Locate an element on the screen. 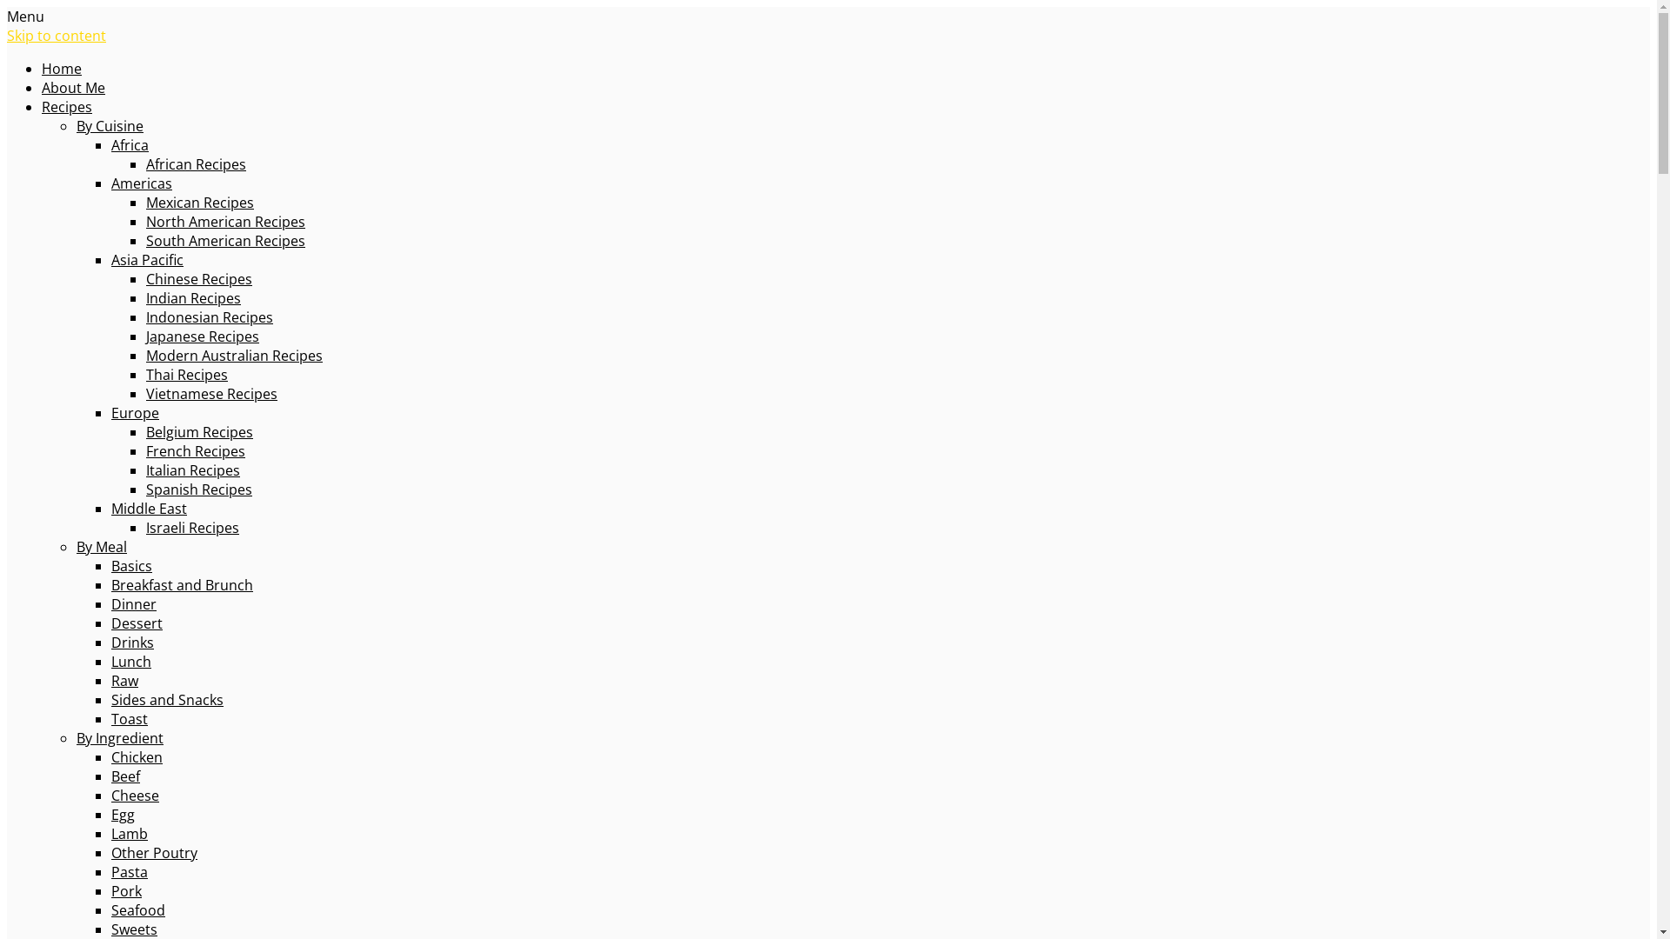 Image resolution: width=1670 pixels, height=939 pixels. 'Europe' is located at coordinates (134, 412).